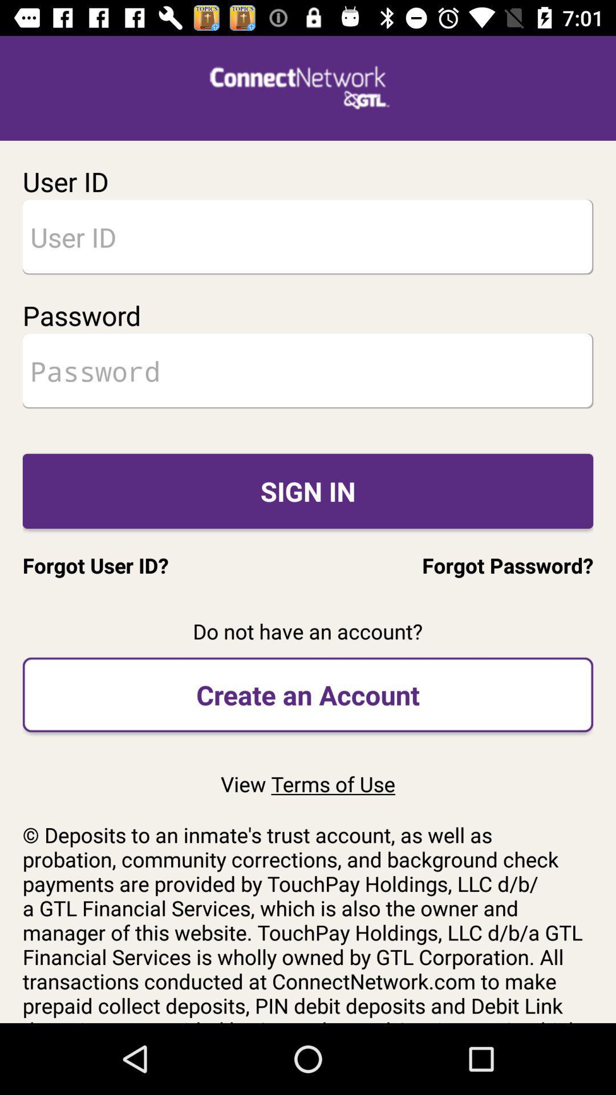 This screenshot has height=1095, width=616. What do you see at coordinates (308, 783) in the screenshot?
I see `the item below create an account` at bounding box center [308, 783].